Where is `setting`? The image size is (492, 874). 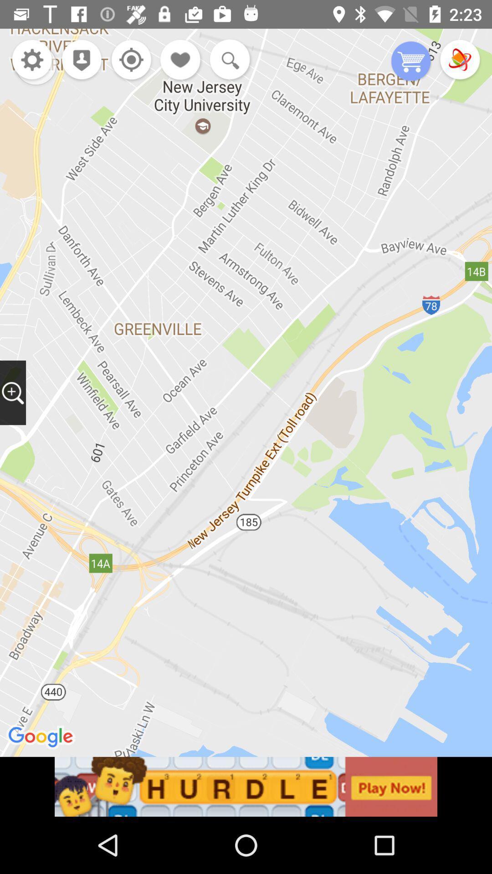 setting is located at coordinates (129, 60).